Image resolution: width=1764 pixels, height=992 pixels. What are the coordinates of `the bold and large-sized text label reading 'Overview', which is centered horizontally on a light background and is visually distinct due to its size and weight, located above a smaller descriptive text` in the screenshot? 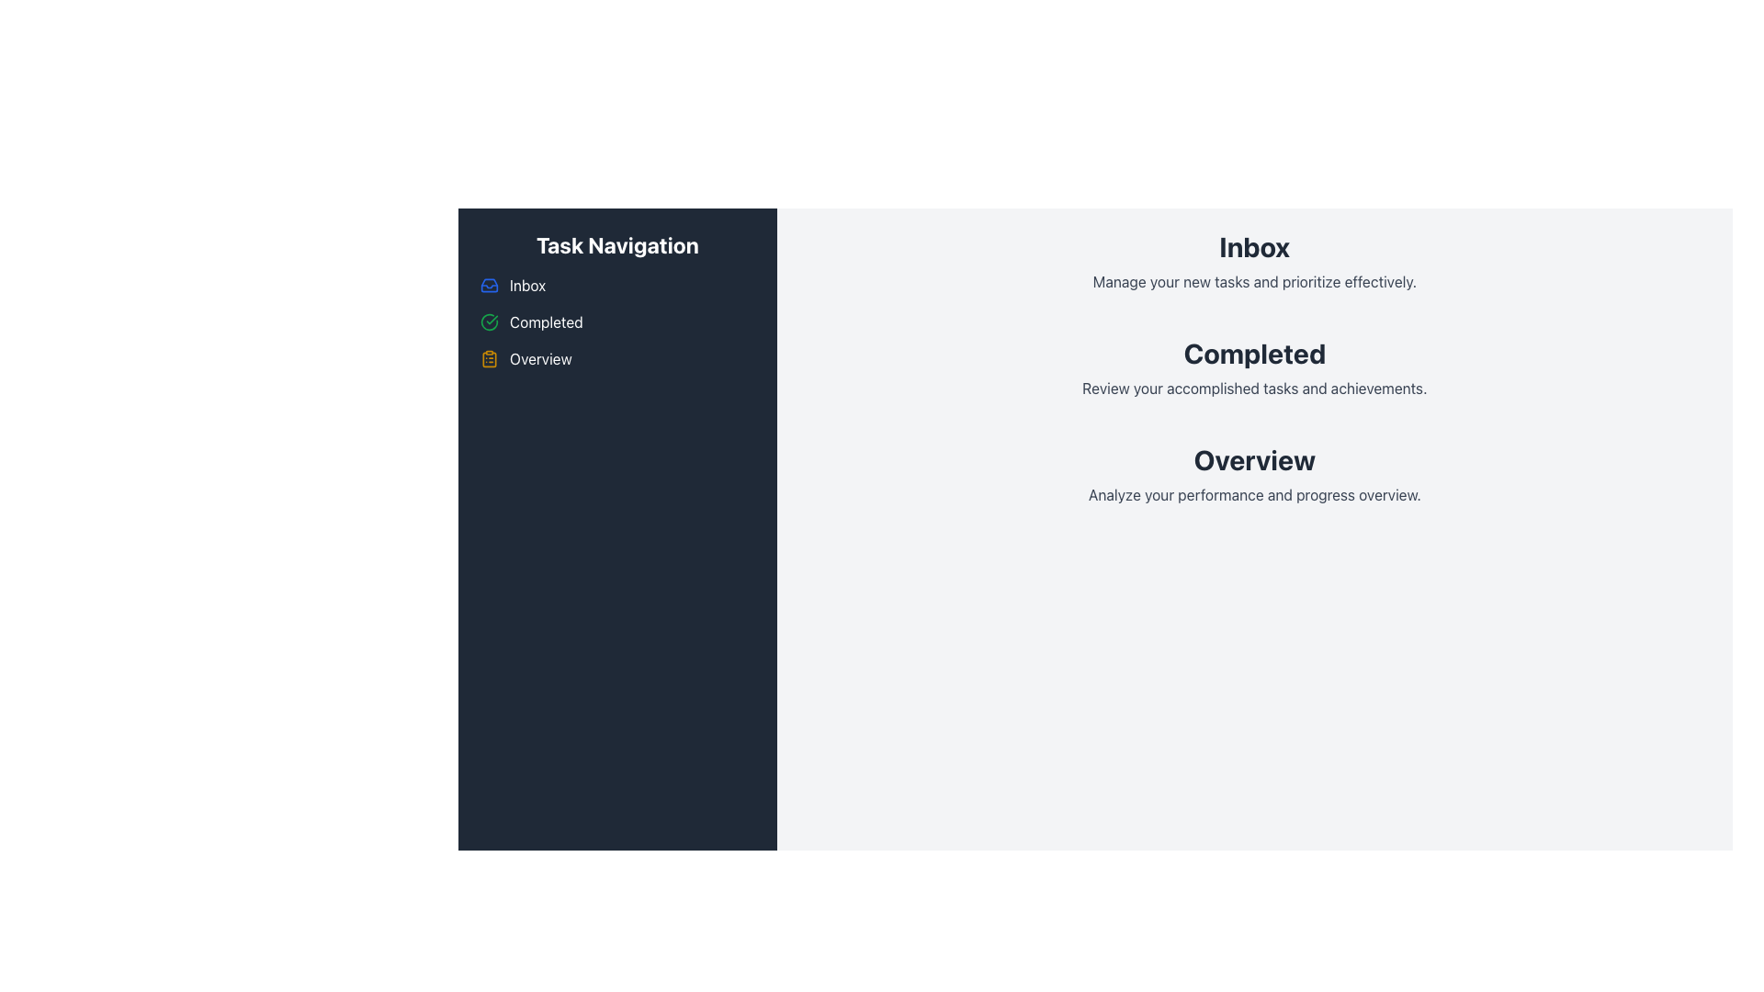 It's located at (1253, 459).